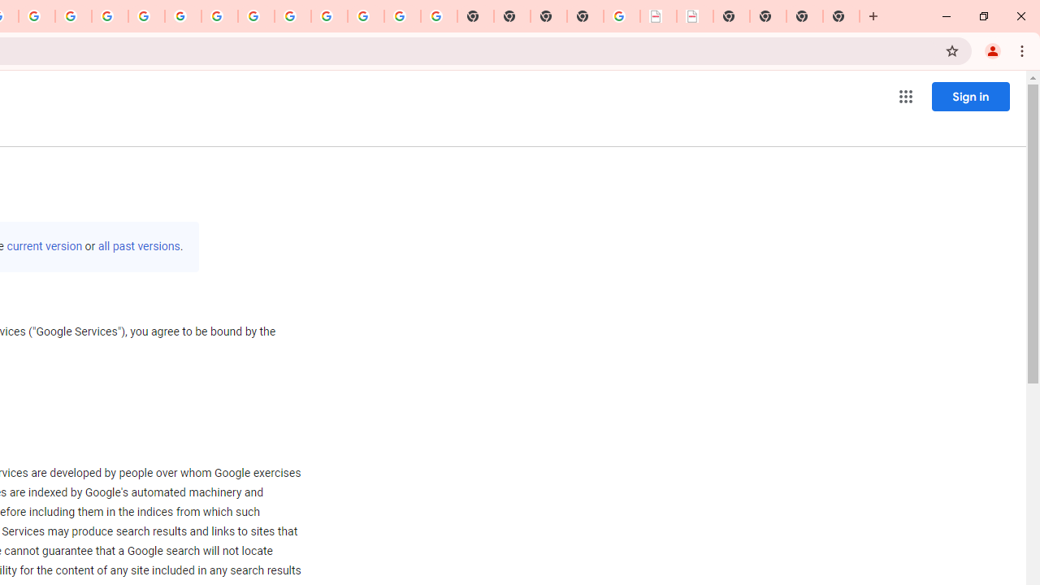  Describe the element at coordinates (72, 16) in the screenshot. I see `'Privacy Help Center - Policies Help'` at that location.